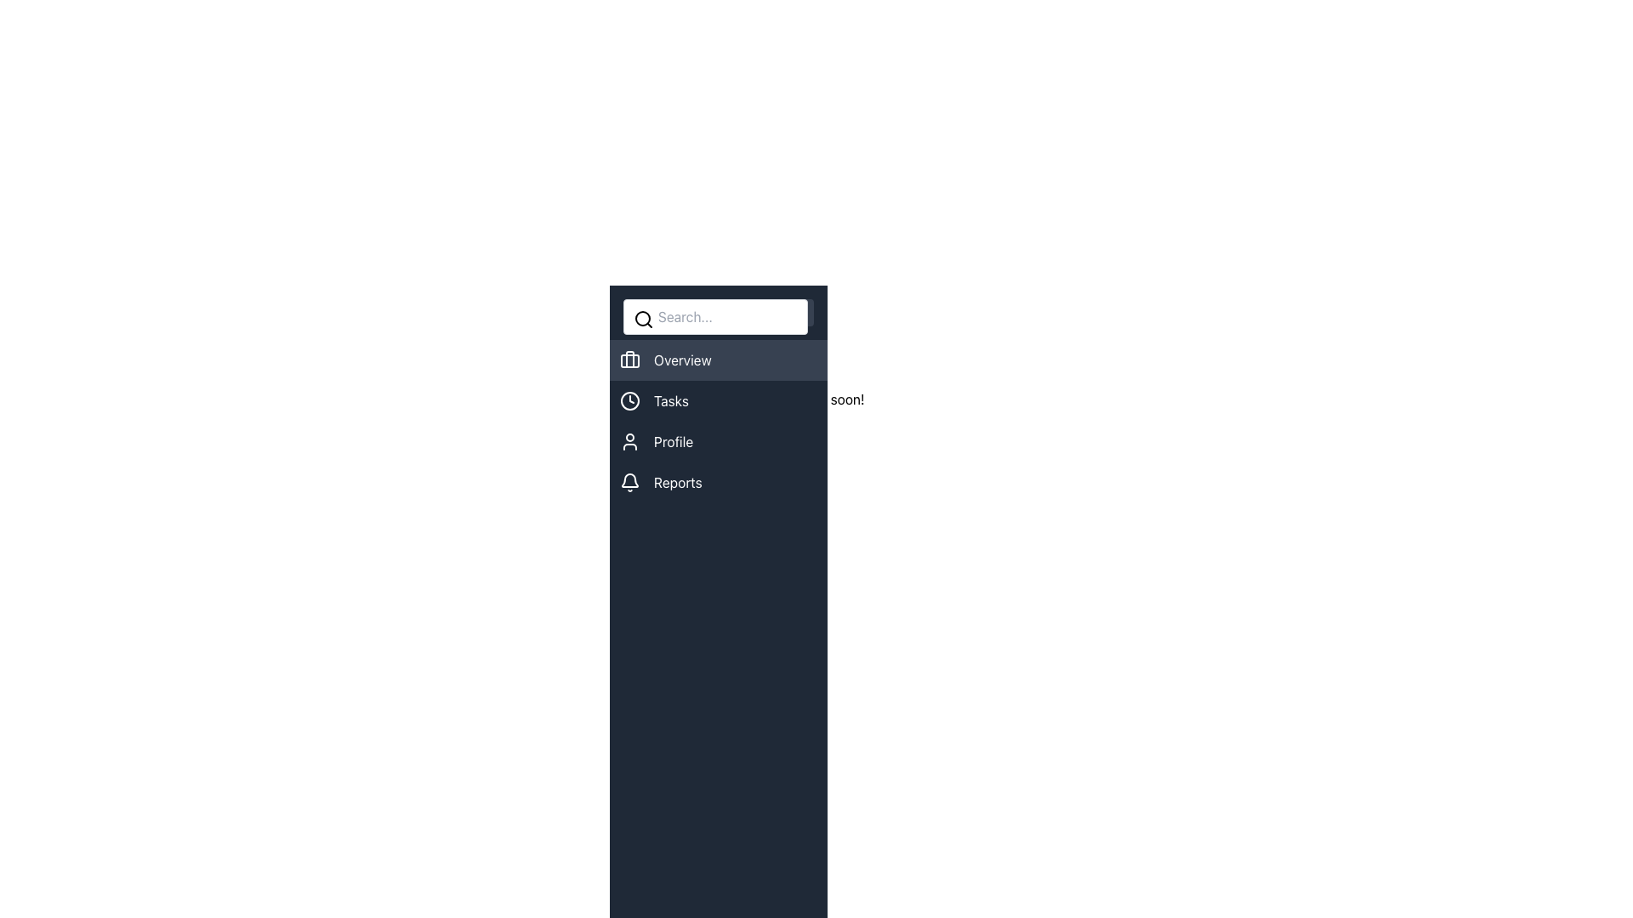 This screenshot has height=918, width=1633. What do you see at coordinates (643, 319) in the screenshot?
I see `the magnifying glass icon located to the left of the 'Search...' text input field at the top of the vertical navigation bar` at bounding box center [643, 319].